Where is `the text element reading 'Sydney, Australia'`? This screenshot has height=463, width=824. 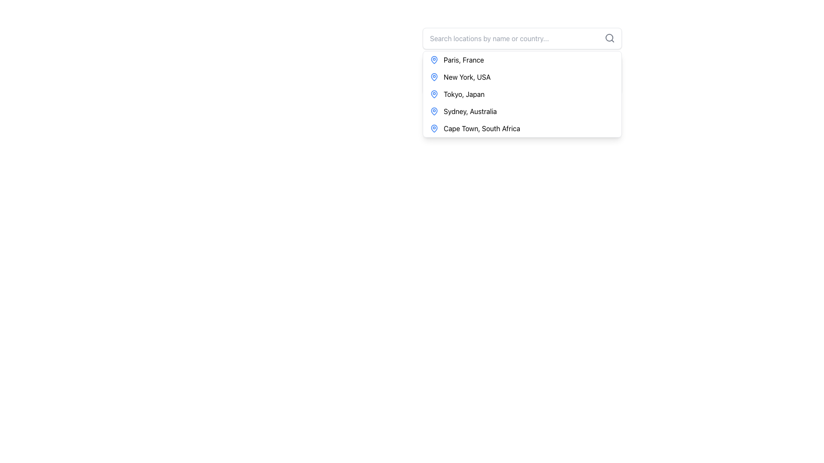 the text element reading 'Sydney, Australia' is located at coordinates (470, 111).